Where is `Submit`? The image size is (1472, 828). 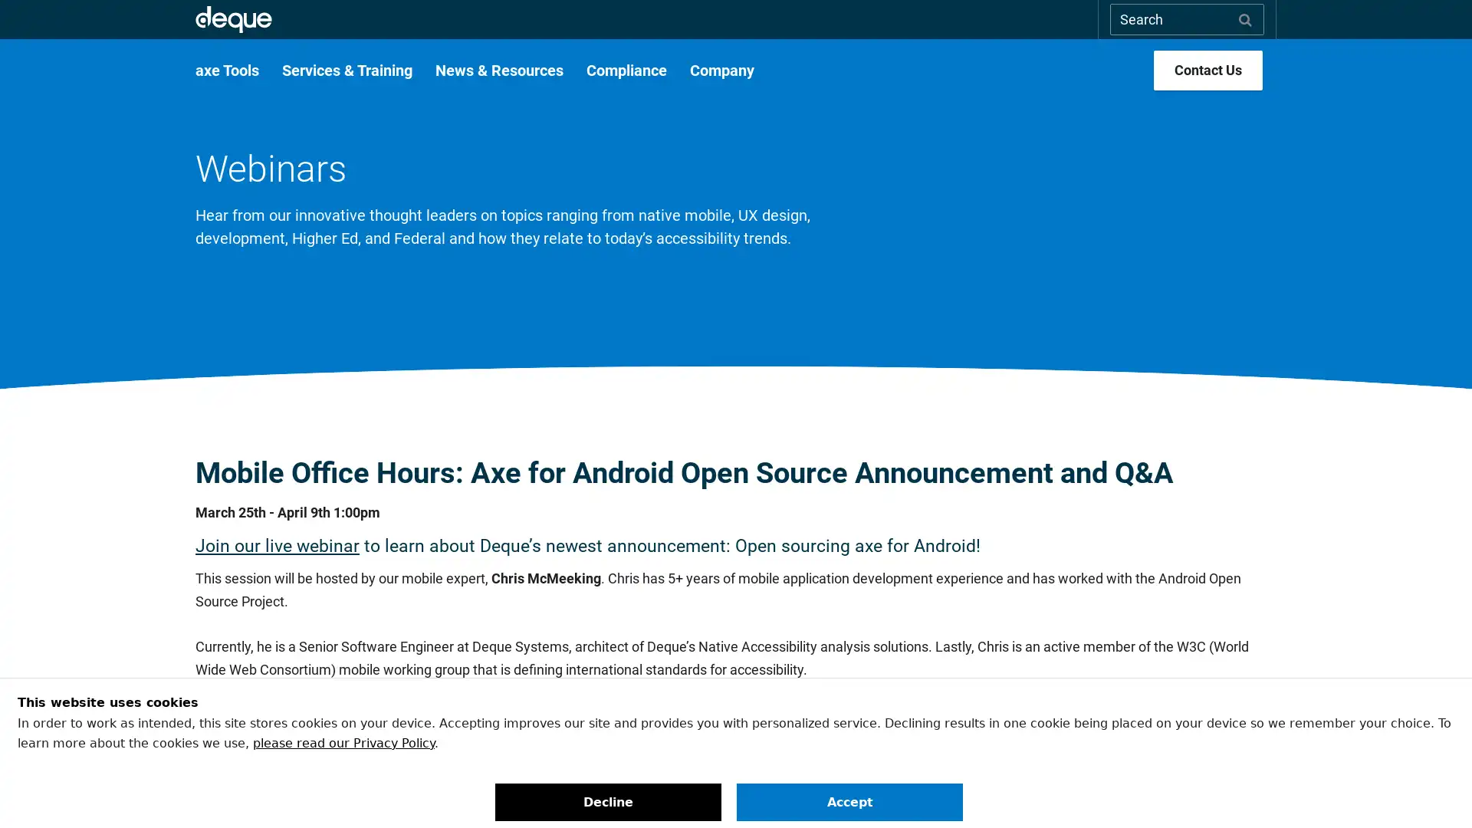
Submit is located at coordinates (1245, 18).